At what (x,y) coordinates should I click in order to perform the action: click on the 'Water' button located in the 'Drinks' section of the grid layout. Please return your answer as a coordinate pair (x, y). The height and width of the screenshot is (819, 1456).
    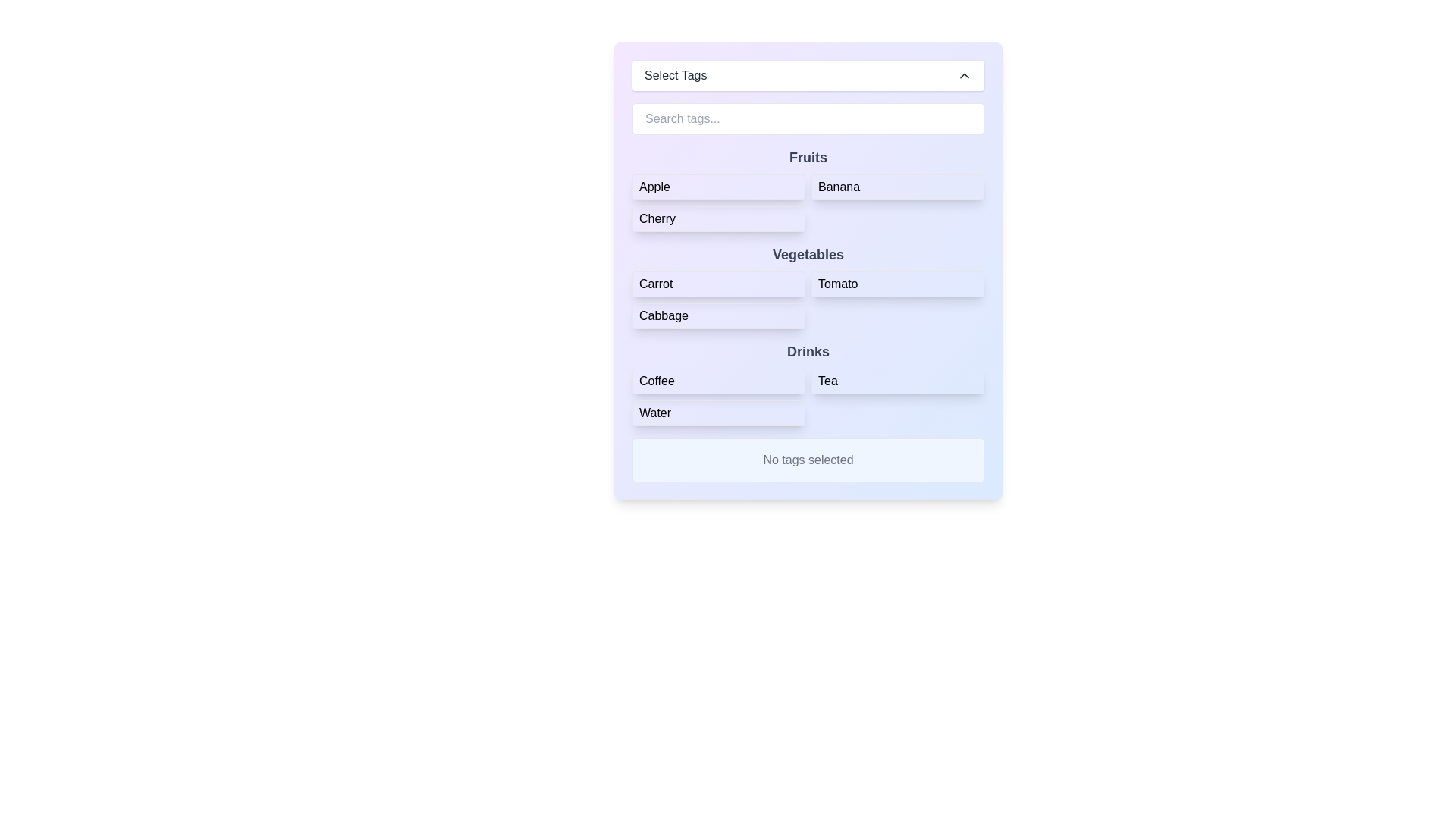
    Looking at the image, I should click on (718, 413).